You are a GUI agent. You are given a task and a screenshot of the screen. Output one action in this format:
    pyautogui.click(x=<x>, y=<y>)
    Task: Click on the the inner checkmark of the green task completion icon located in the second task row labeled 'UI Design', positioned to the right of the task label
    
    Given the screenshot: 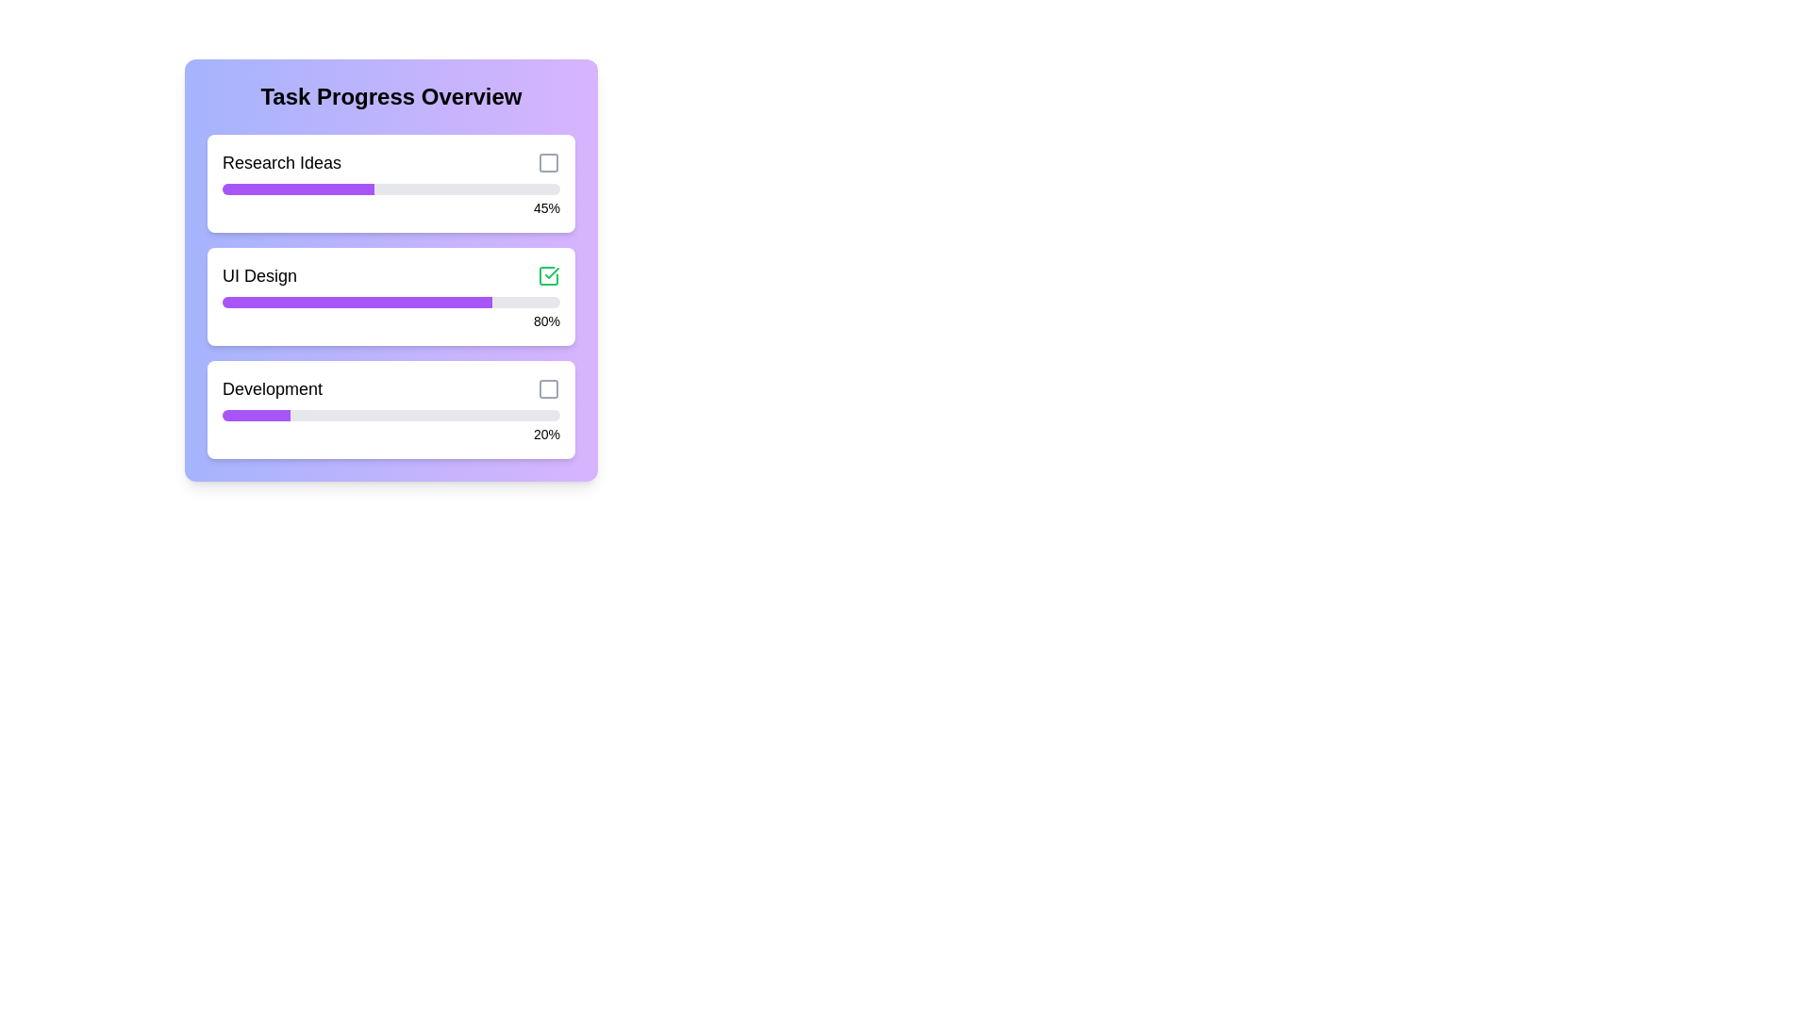 What is the action you would take?
    pyautogui.click(x=551, y=272)
    